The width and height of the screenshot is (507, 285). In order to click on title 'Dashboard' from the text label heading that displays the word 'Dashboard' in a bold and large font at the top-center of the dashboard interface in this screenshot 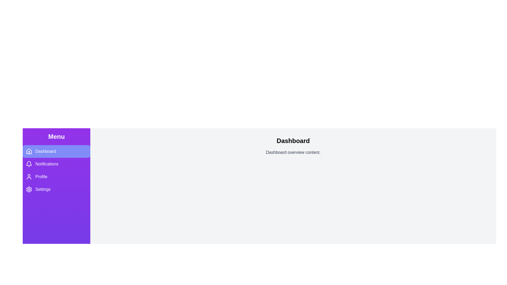, I will do `click(293, 140)`.